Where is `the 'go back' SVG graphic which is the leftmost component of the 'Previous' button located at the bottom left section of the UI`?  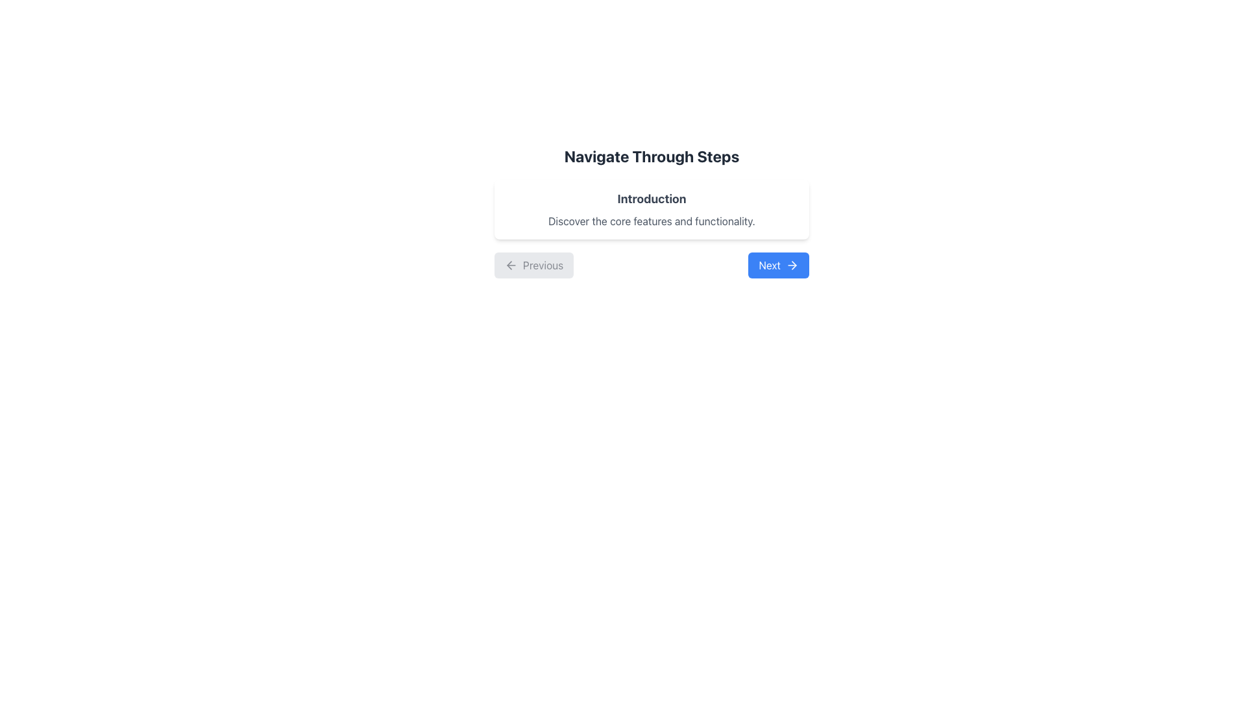
the 'go back' SVG graphic which is the leftmost component of the 'Previous' button located at the bottom left section of the UI is located at coordinates (510, 264).